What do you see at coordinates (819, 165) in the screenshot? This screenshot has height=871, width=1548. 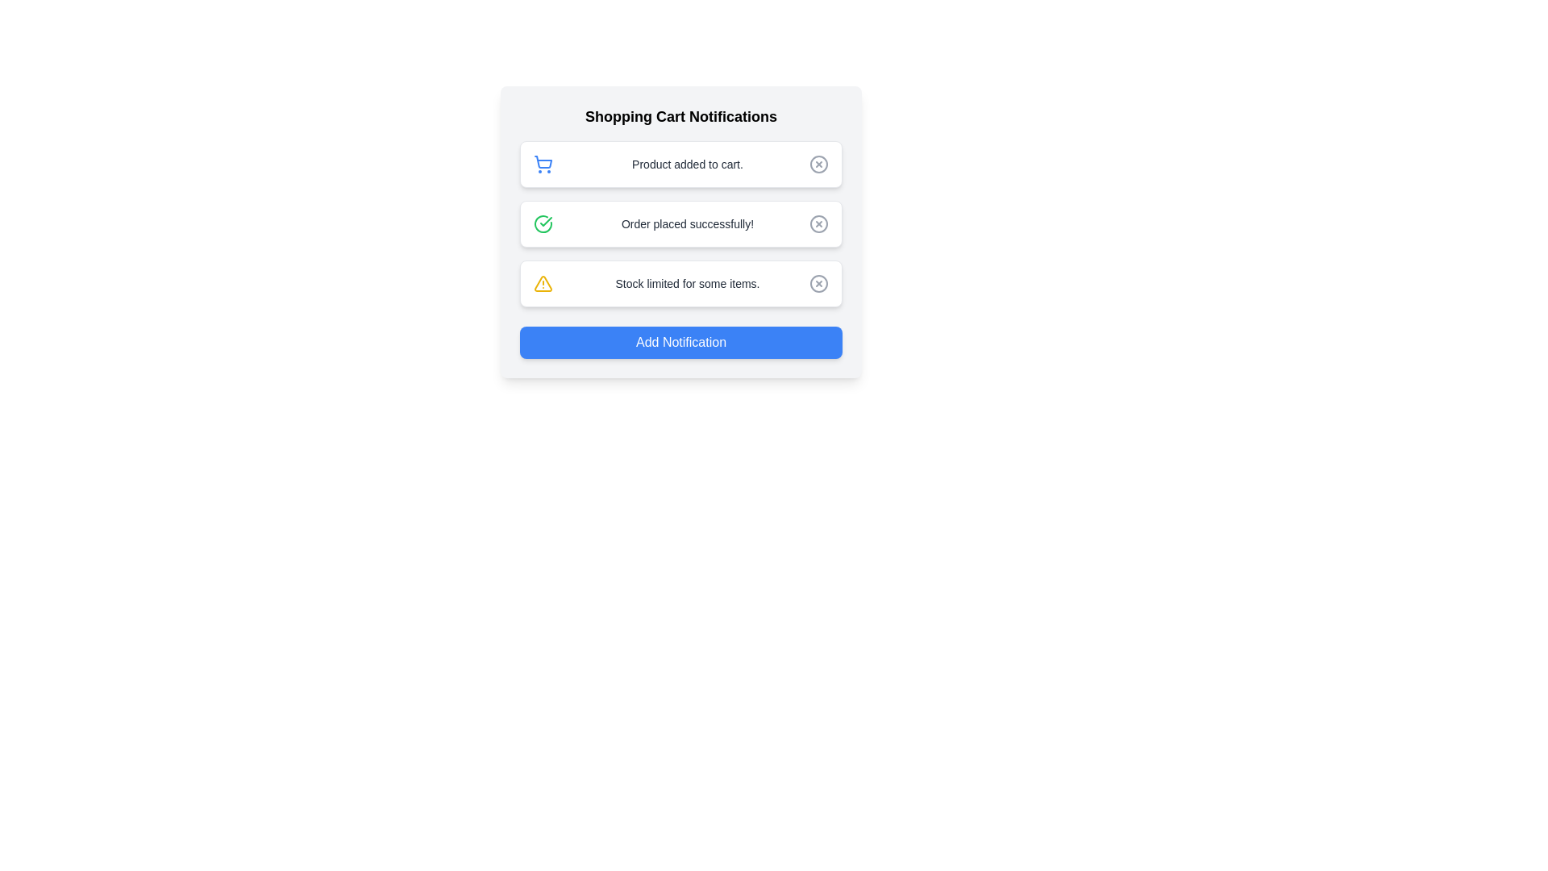 I see `the inner circular part of the close or cancel icon located on the far-right side of the top row in the list of notifications, next to the text 'Product added to cart'` at bounding box center [819, 165].